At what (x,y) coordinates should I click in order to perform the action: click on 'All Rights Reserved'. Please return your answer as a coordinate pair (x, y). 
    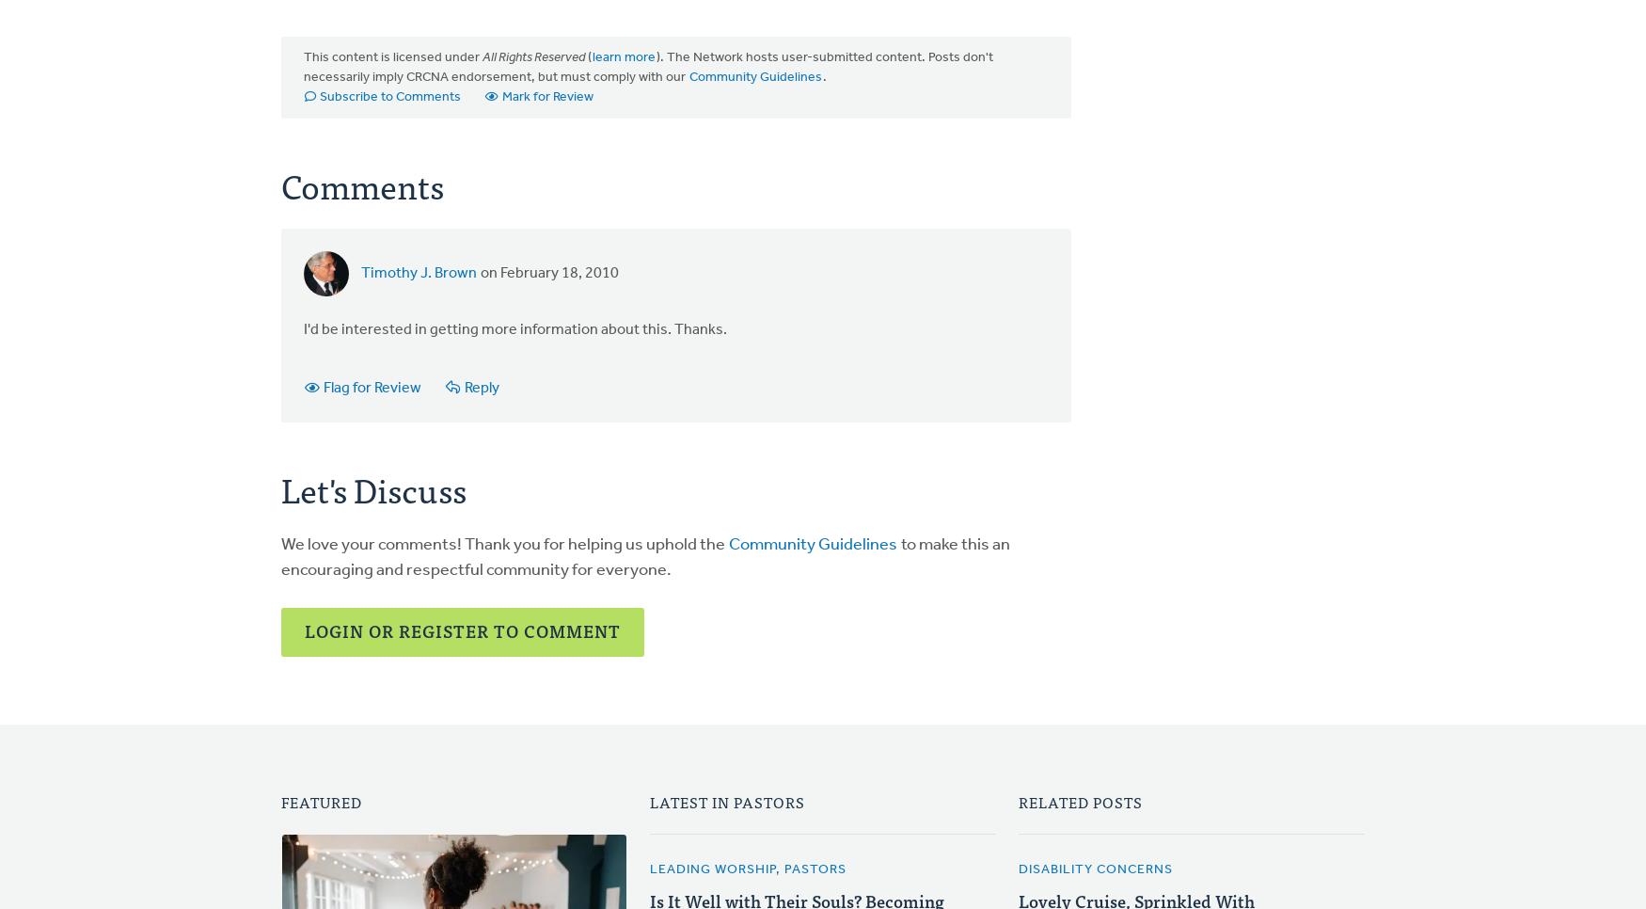
    Looking at the image, I should click on (481, 57).